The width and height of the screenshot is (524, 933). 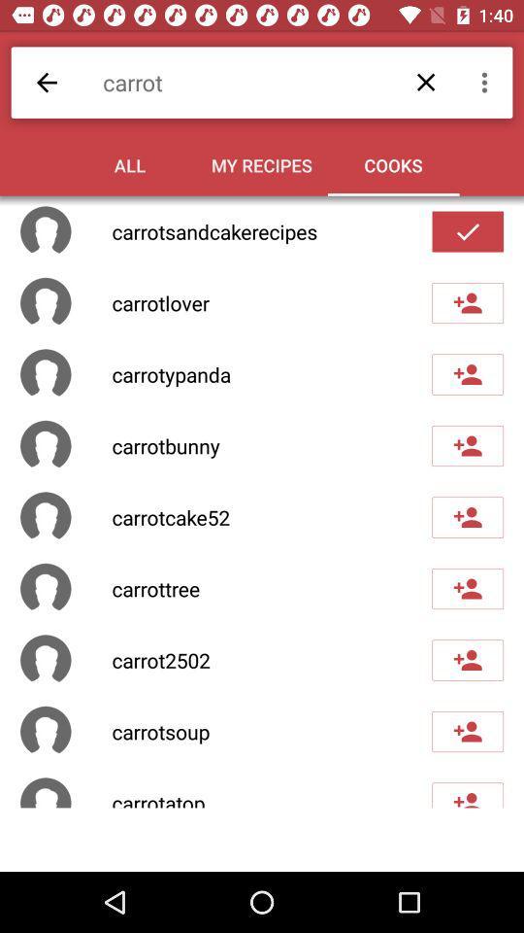 I want to click on recipe, so click(x=467, y=731).